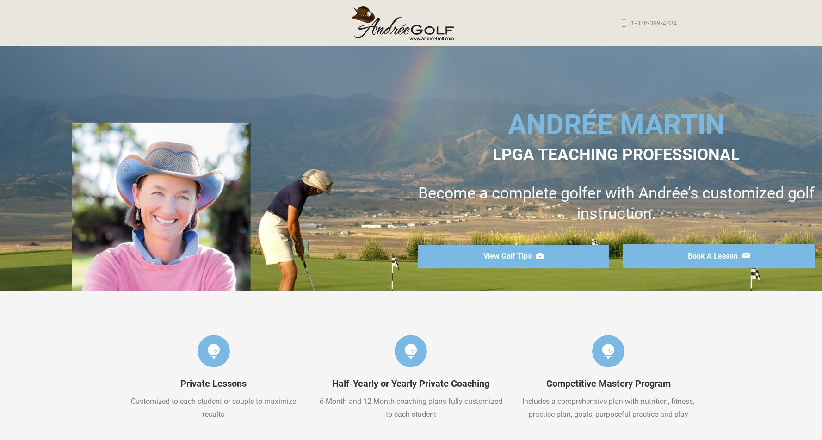  I want to click on 'Become a complete golfer with Andrée’s customized golf instruction.', so click(418, 203).